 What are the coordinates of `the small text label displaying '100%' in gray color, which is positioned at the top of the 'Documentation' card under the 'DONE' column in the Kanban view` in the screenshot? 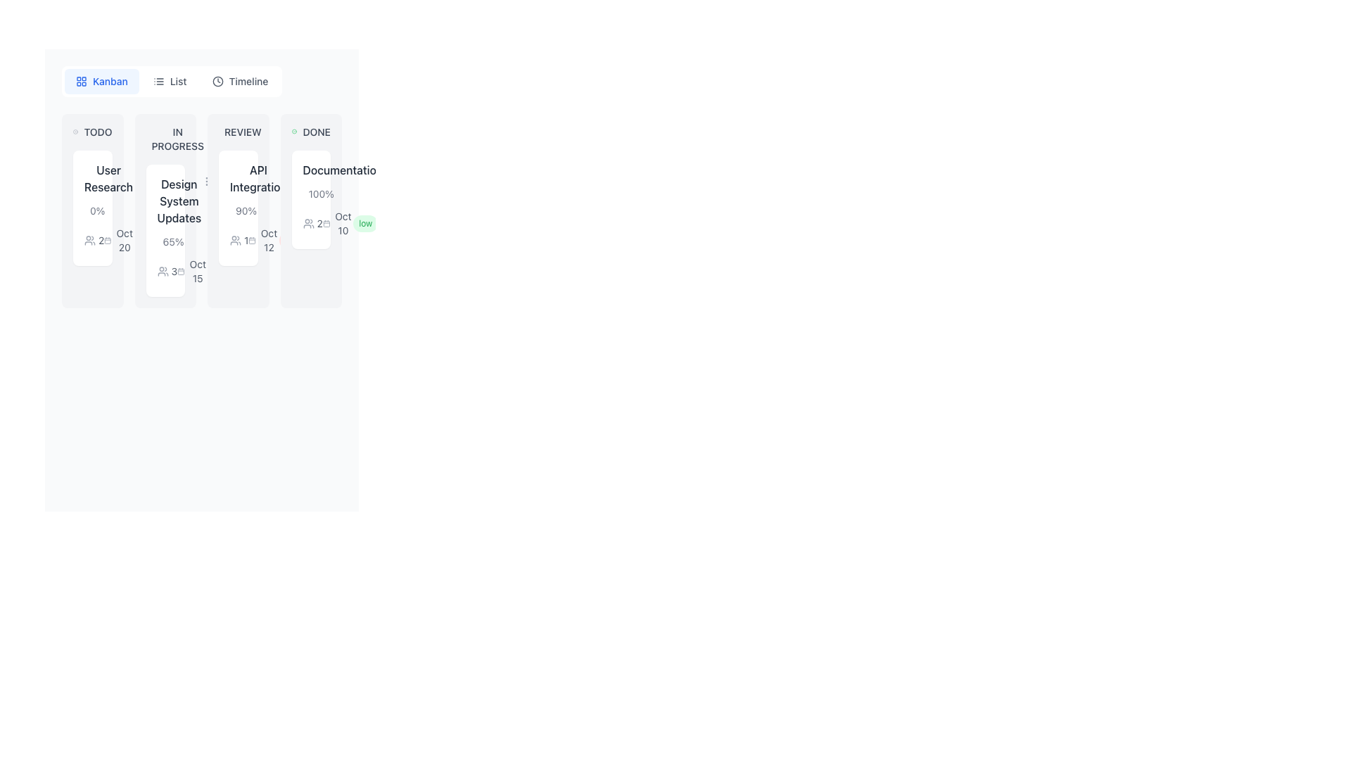 It's located at (310, 194).